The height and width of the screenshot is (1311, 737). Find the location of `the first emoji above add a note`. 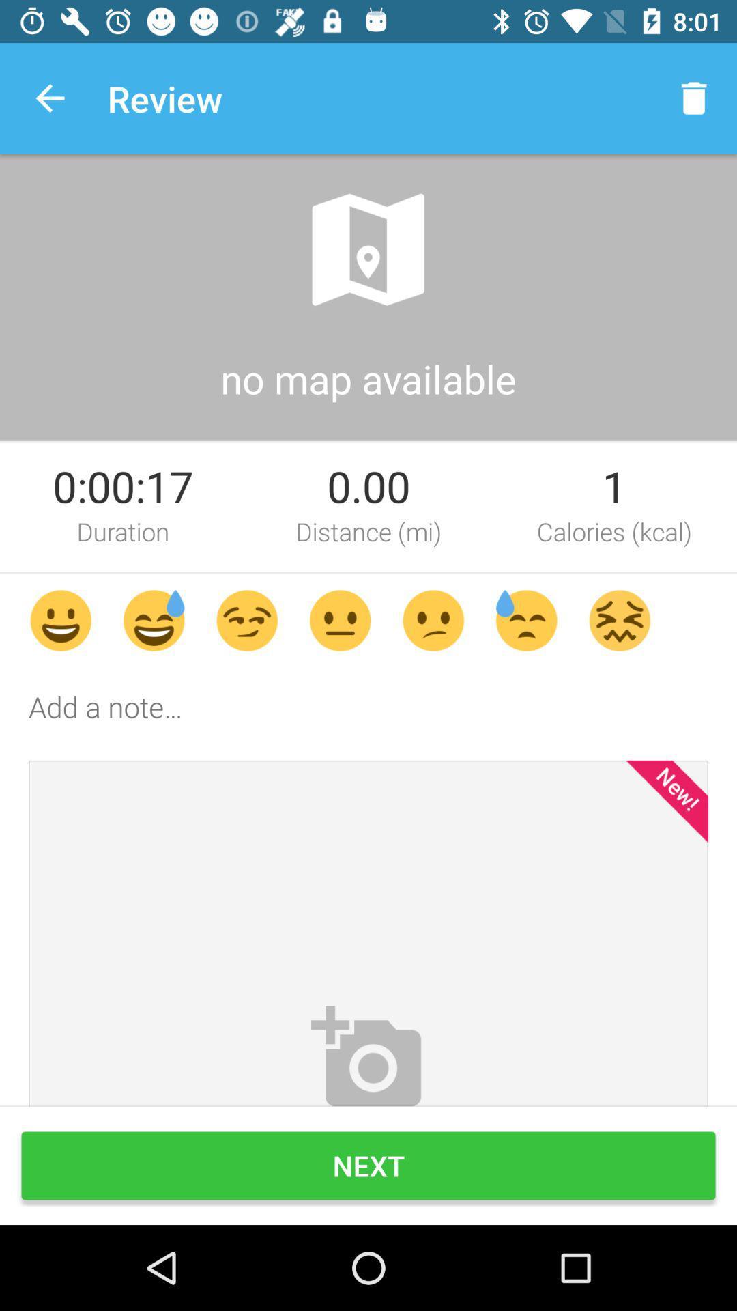

the first emoji above add a note is located at coordinates (60, 619).